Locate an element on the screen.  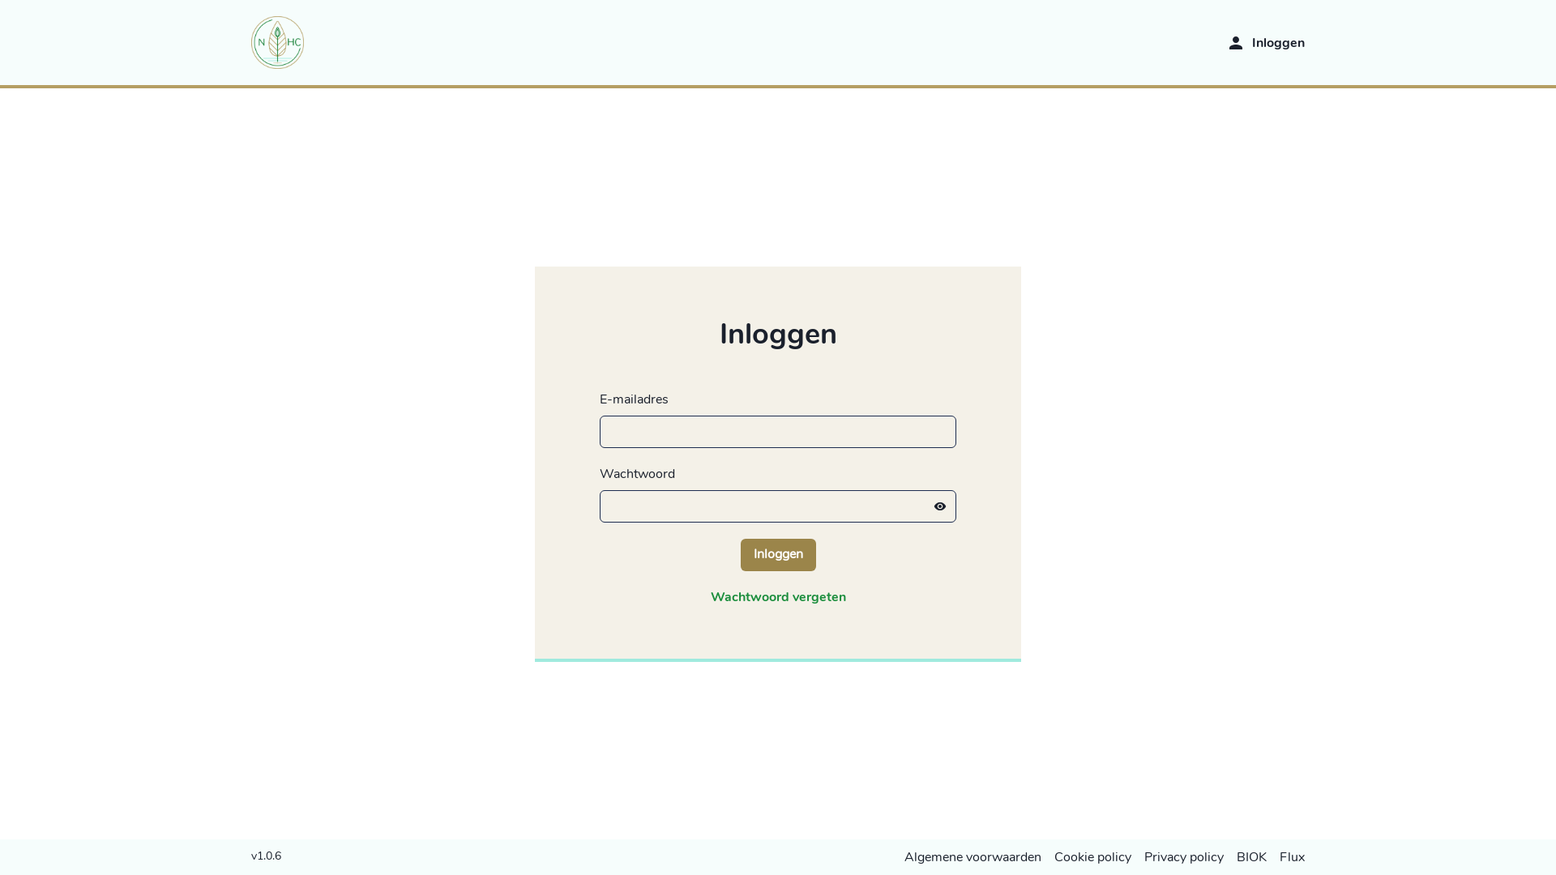
'BIOK' is located at coordinates (1250, 856).